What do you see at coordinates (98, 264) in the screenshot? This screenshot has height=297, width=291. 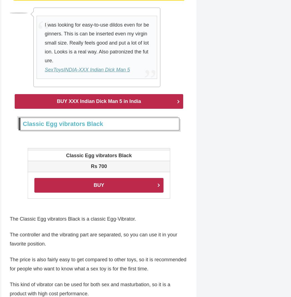 I see `'The price is also fairly easy to get compared to other toys, so it is recommended for people who want to know what a sex toy is for the first time.'` at bounding box center [98, 264].